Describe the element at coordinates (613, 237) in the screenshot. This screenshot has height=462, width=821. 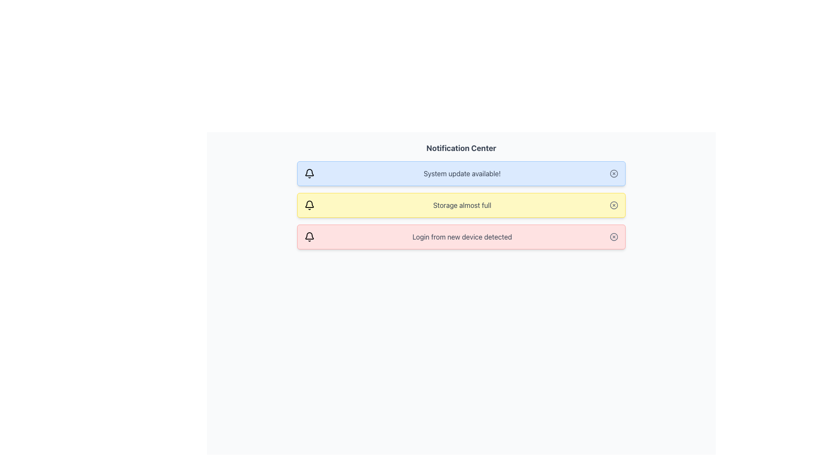
I see `the decorative circular element located at the right end of the red-colored notification bar labeled 'Login from new device detected', which is part of a clickable close button` at that location.